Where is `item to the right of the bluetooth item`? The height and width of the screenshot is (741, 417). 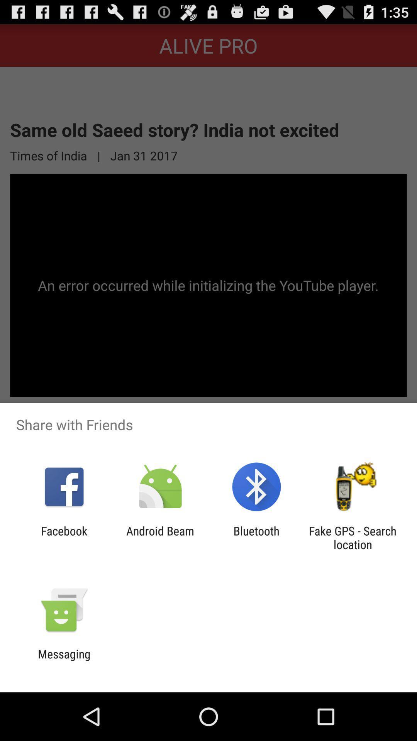
item to the right of the bluetooth item is located at coordinates (353, 537).